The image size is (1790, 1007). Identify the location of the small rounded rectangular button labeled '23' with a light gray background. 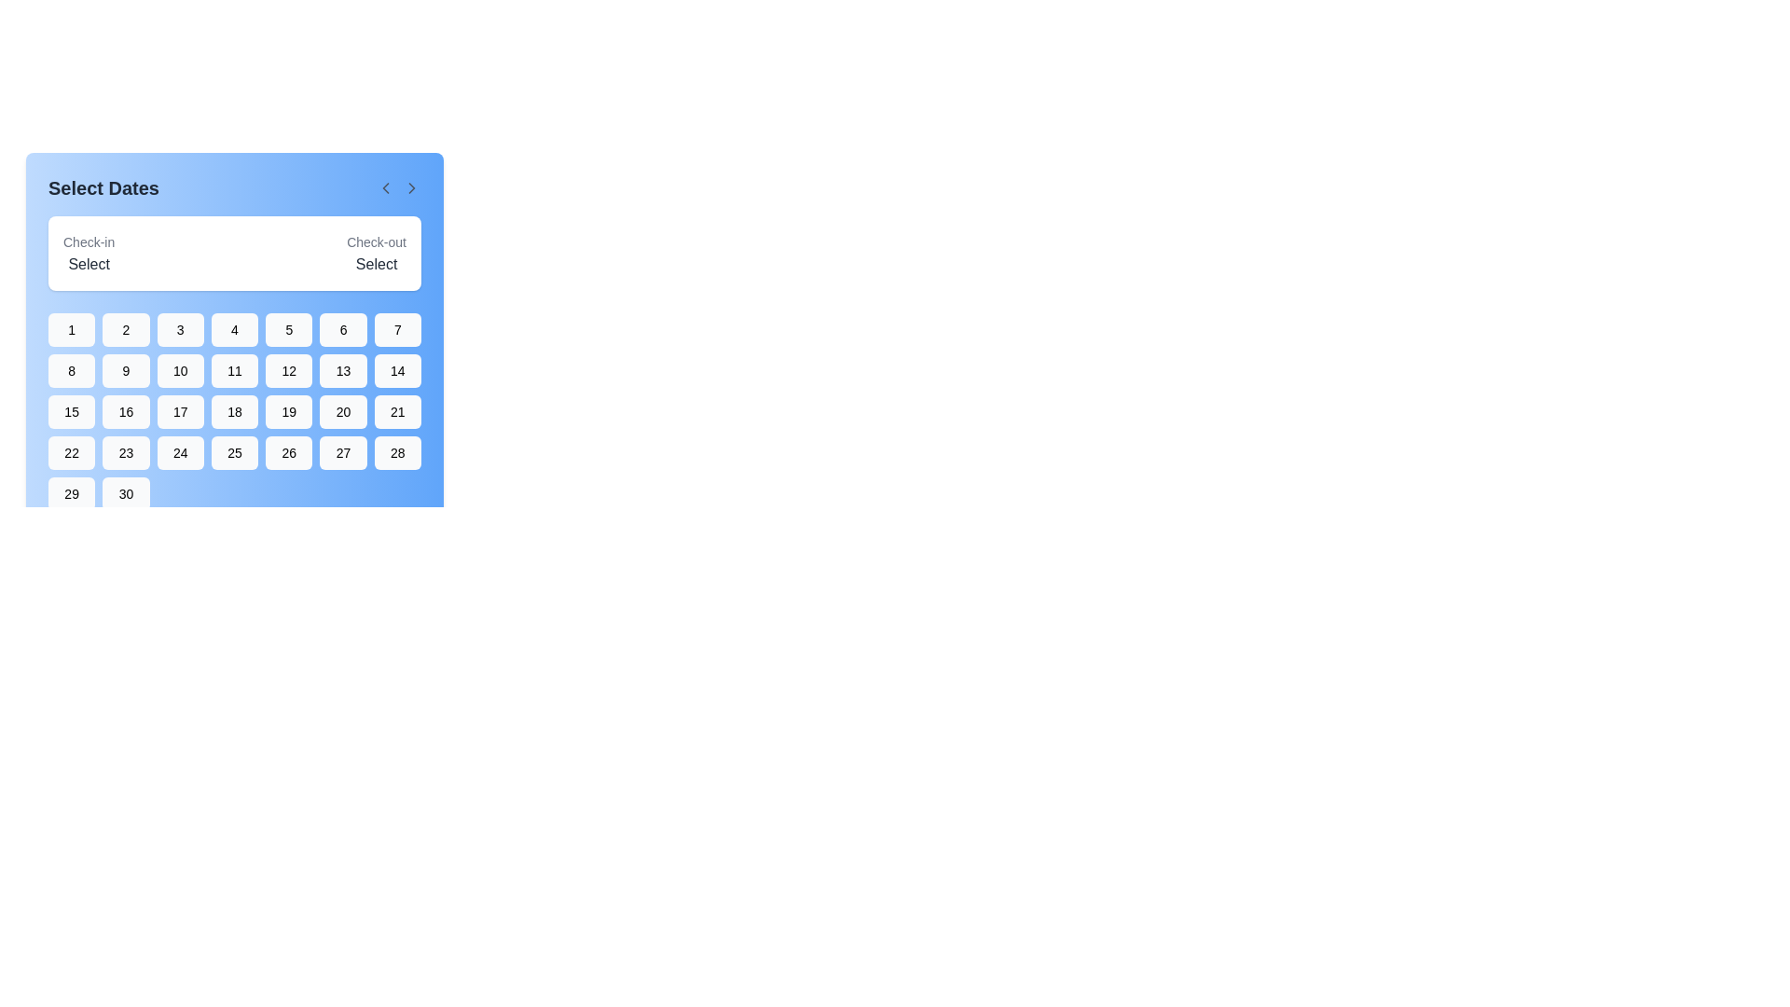
(125, 453).